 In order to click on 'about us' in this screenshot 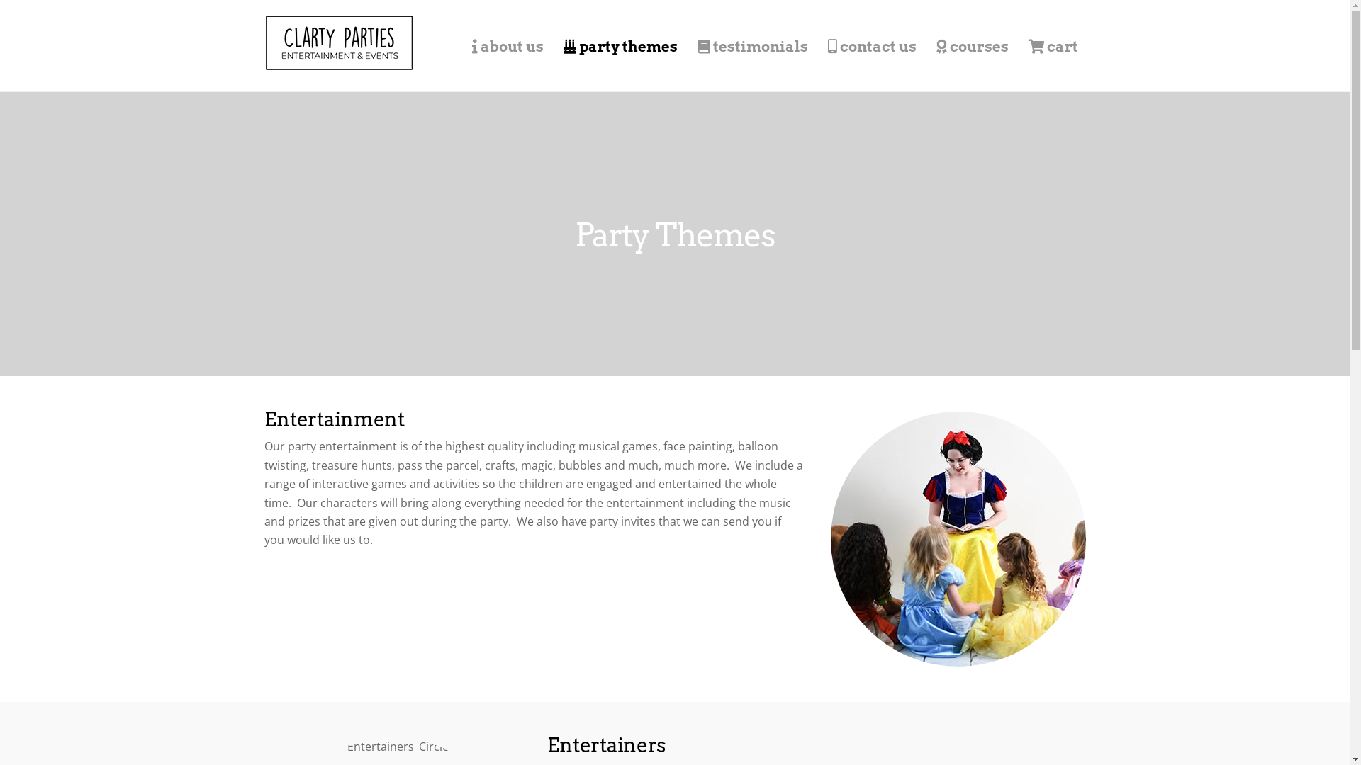, I will do `click(508, 45)`.